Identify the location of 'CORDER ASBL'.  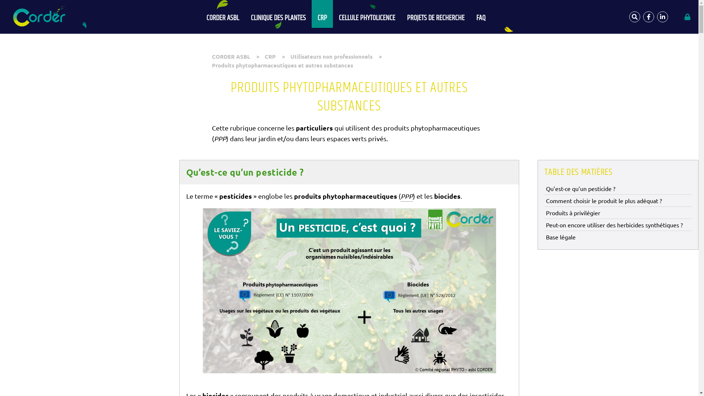
(230, 56).